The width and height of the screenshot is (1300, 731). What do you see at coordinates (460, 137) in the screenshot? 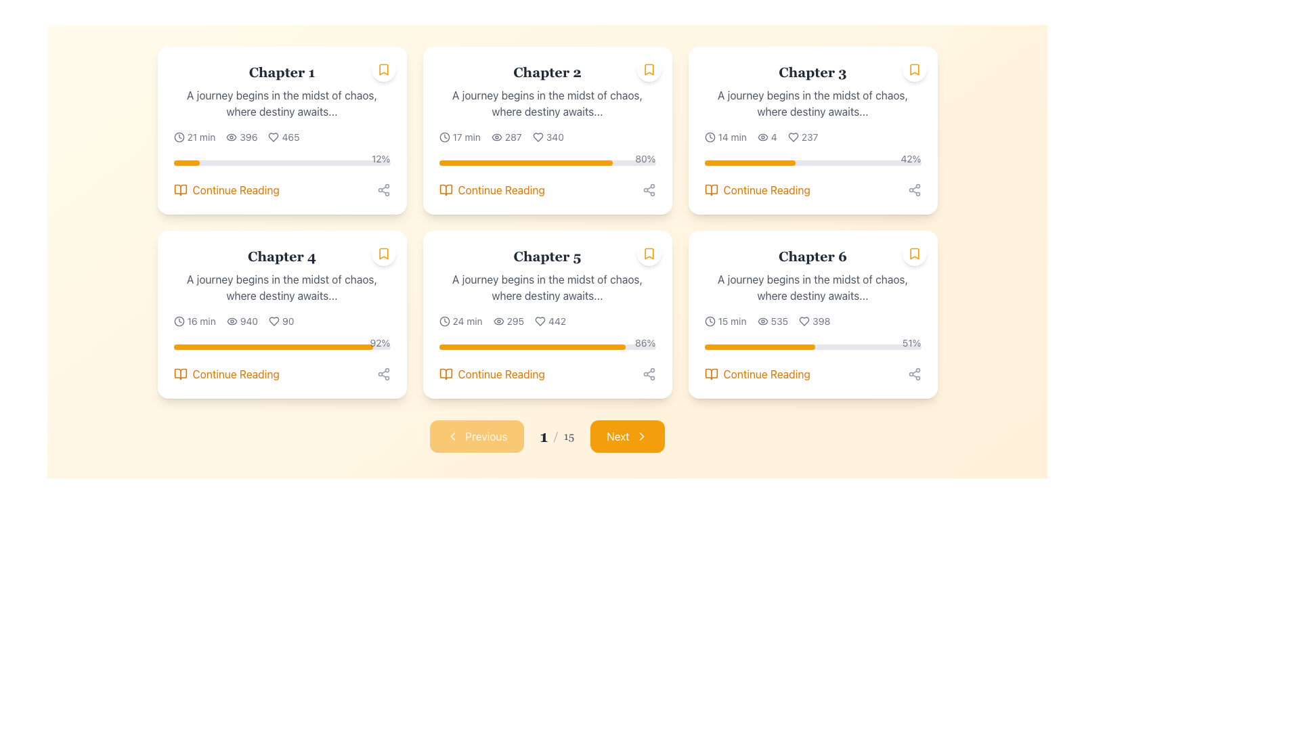
I see `the informational indicator displaying the estimated reading duration for 'Chapter 2' located in the top-left corner of the card content` at bounding box center [460, 137].